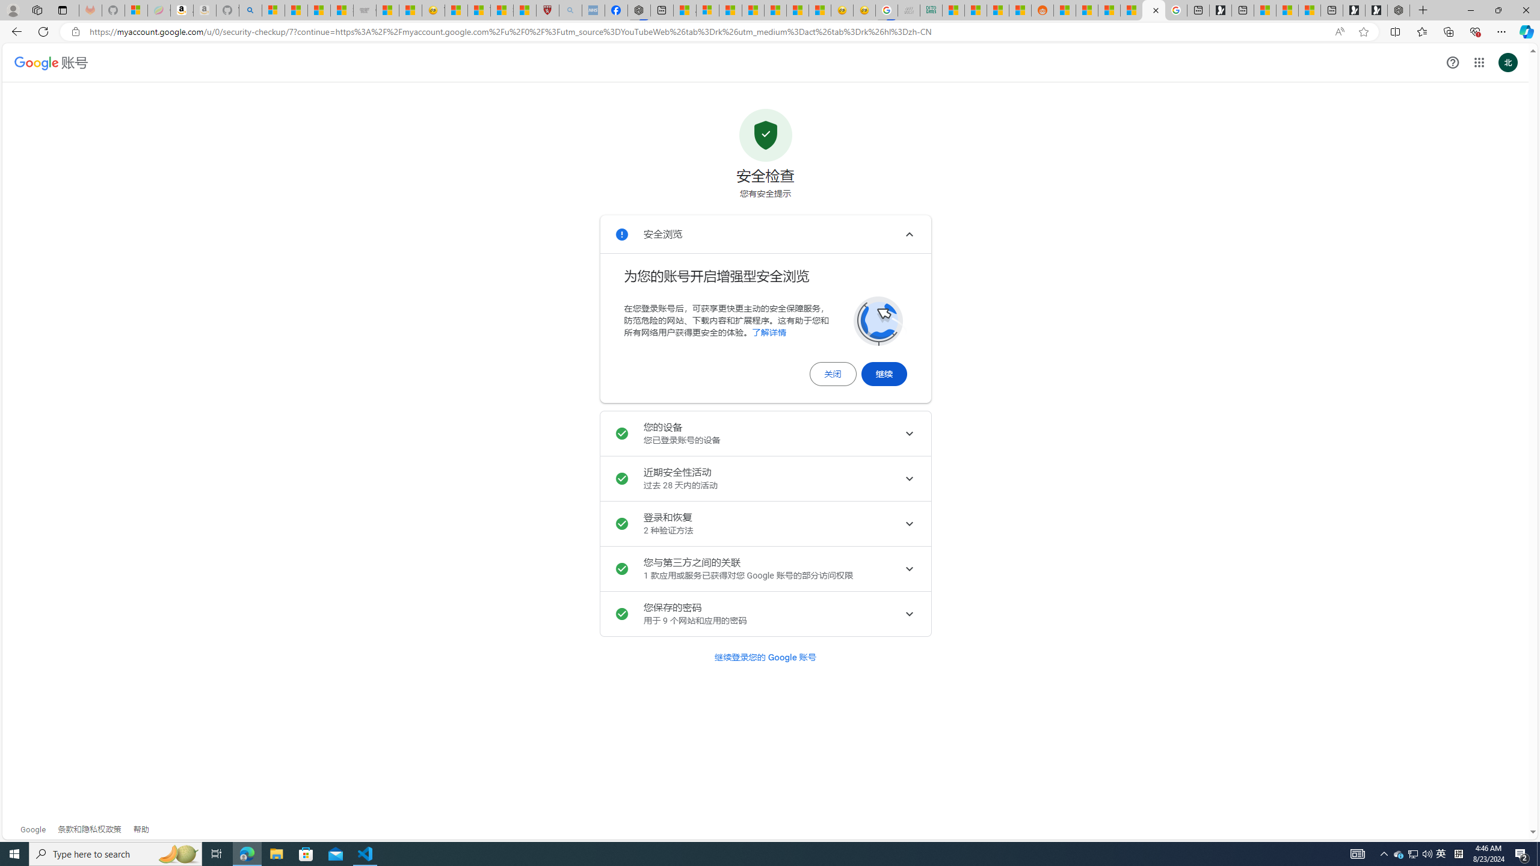 Image resolution: width=1540 pixels, height=866 pixels. Describe the element at coordinates (365, 10) in the screenshot. I see `'Combat Siege'` at that location.